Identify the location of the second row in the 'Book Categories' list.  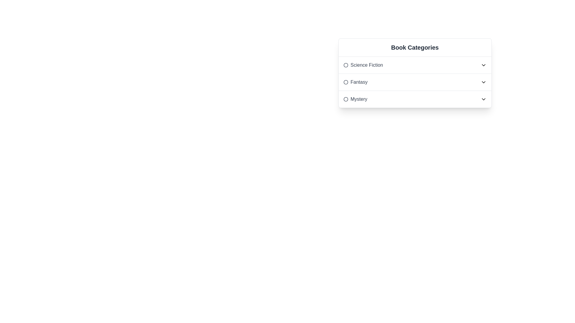
(414, 82).